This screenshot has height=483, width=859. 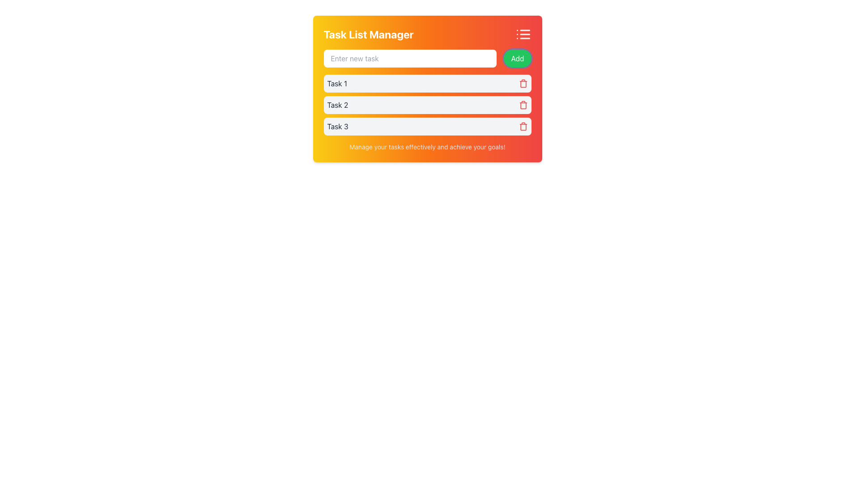 What do you see at coordinates (523, 83) in the screenshot?
I see `the delete button located on the right side of the 'Task 1' row` at bounding box center [523, 83].